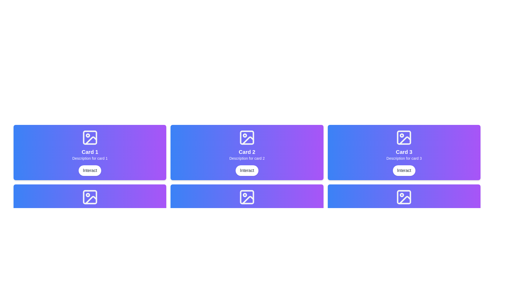 This screenshot has width=510, height=287. What do you see at coordinates (247, 137) in the screenshot?
I see `the image or graphic placeholder icon located in 'Card 2', positioned above the text 'Card 2' and 'Description for card 2'` at bounding box center [247, 137].